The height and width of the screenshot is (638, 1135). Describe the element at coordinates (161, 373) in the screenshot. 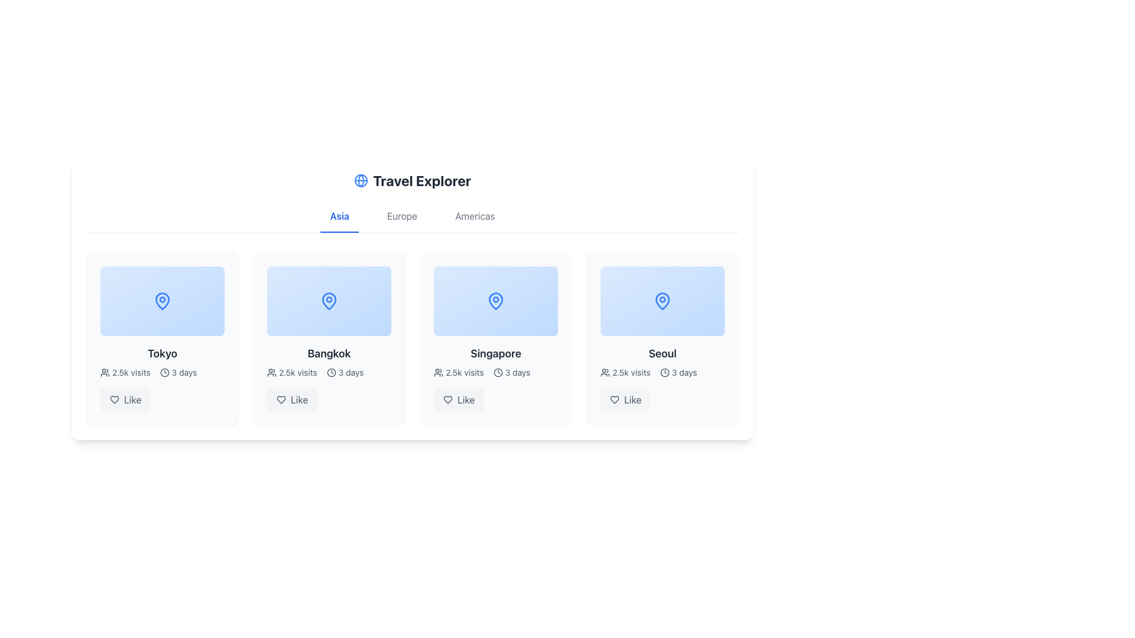

I see `the text with user and clock icons displaying '2.5k visits' and '3 days', which is located below the text 'Tokyo' and above the 'Like' button` at that location.